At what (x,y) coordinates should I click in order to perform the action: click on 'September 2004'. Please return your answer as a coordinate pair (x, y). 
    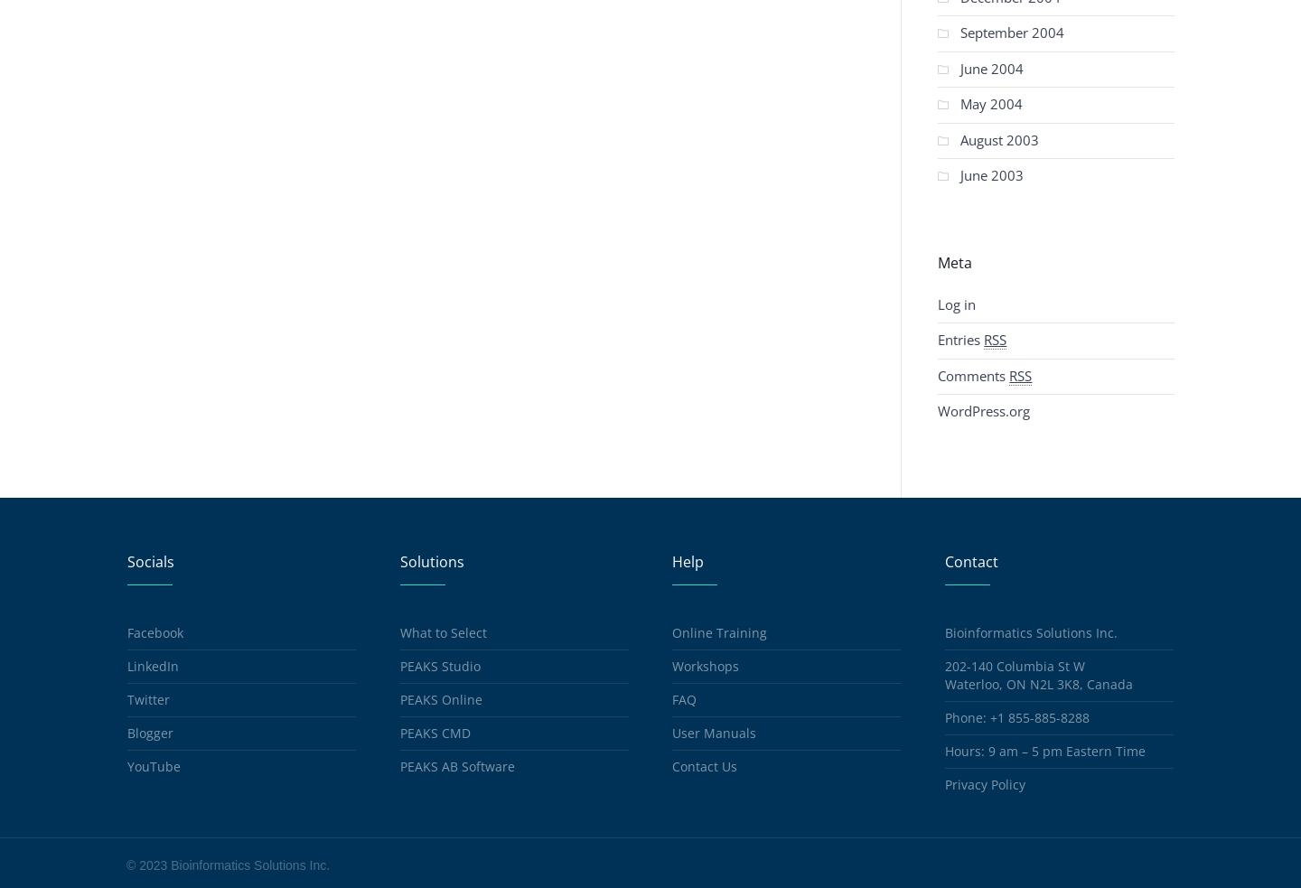
    Looking at the image, I should click on (1011, 31).